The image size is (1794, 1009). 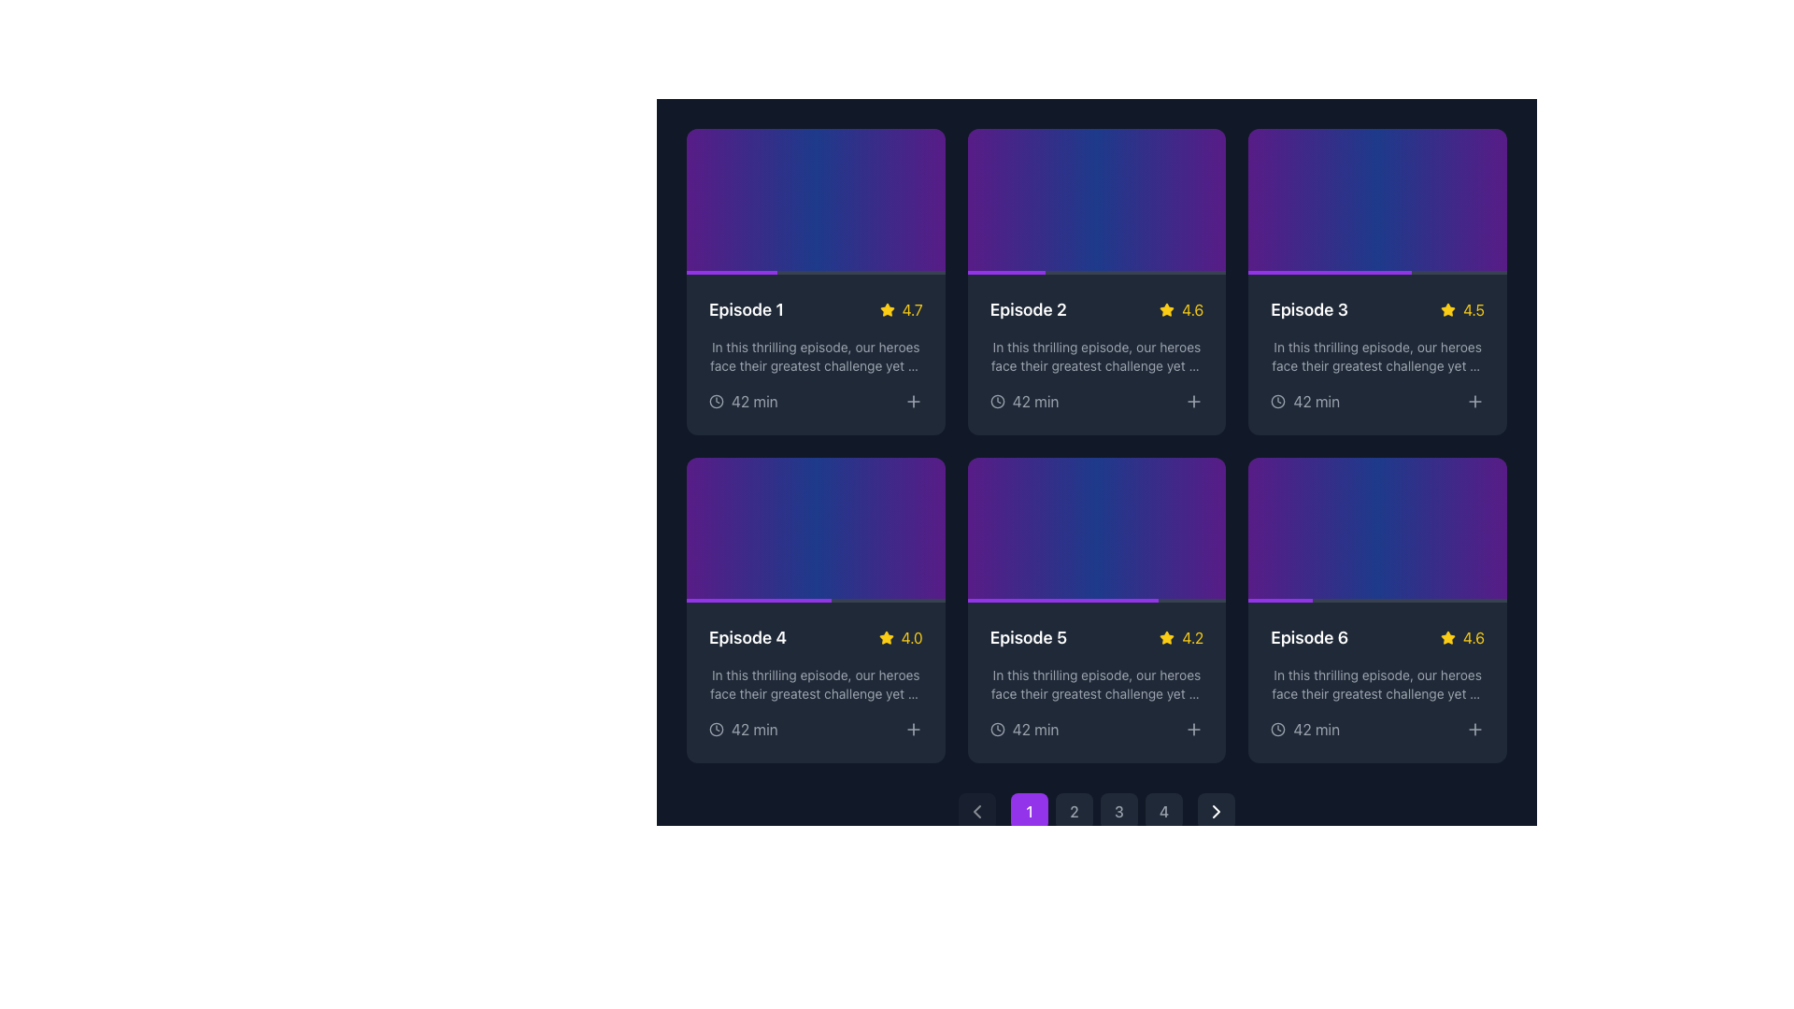 What do you see at coordinates (1097, 281) in the screenshot?
I see `the Information card that previews a specific episode, located in the first row and second column of a grid of six cards` at bounding box center [1097, 281].